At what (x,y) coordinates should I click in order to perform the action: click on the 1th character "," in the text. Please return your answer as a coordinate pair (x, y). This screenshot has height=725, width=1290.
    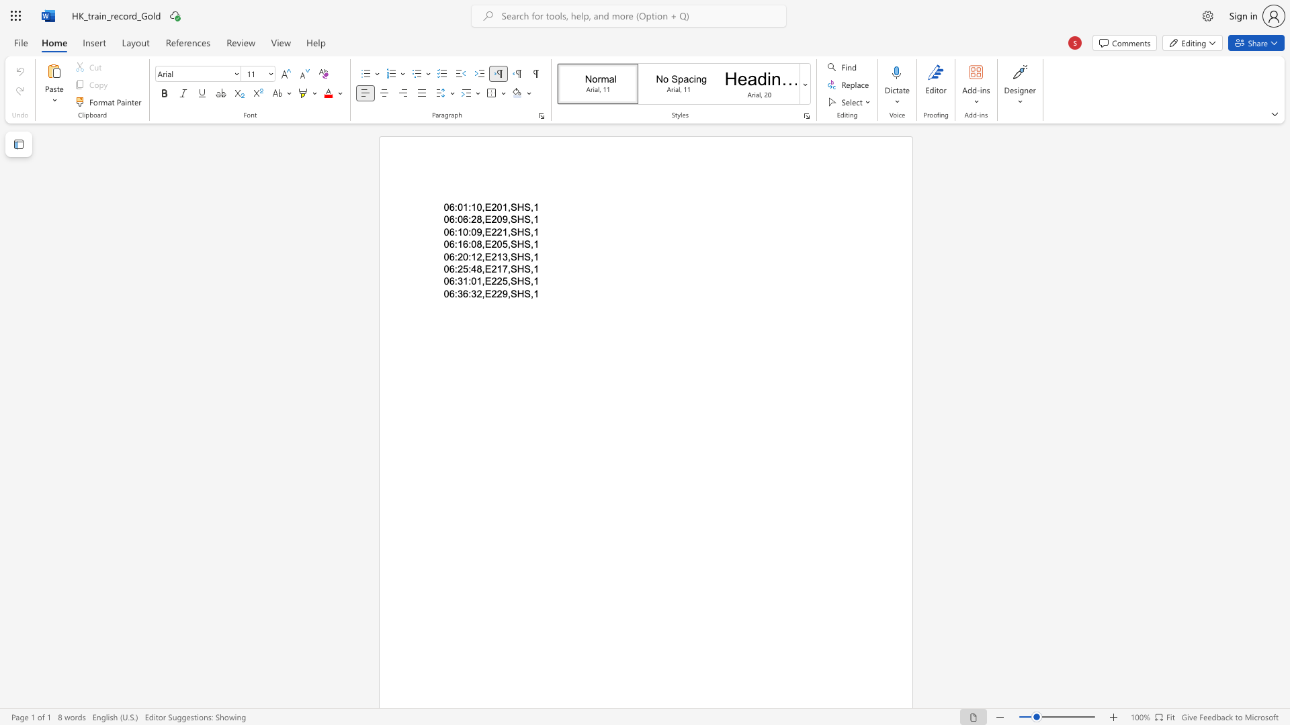
    Looking at the image, I should click on (483, 281).